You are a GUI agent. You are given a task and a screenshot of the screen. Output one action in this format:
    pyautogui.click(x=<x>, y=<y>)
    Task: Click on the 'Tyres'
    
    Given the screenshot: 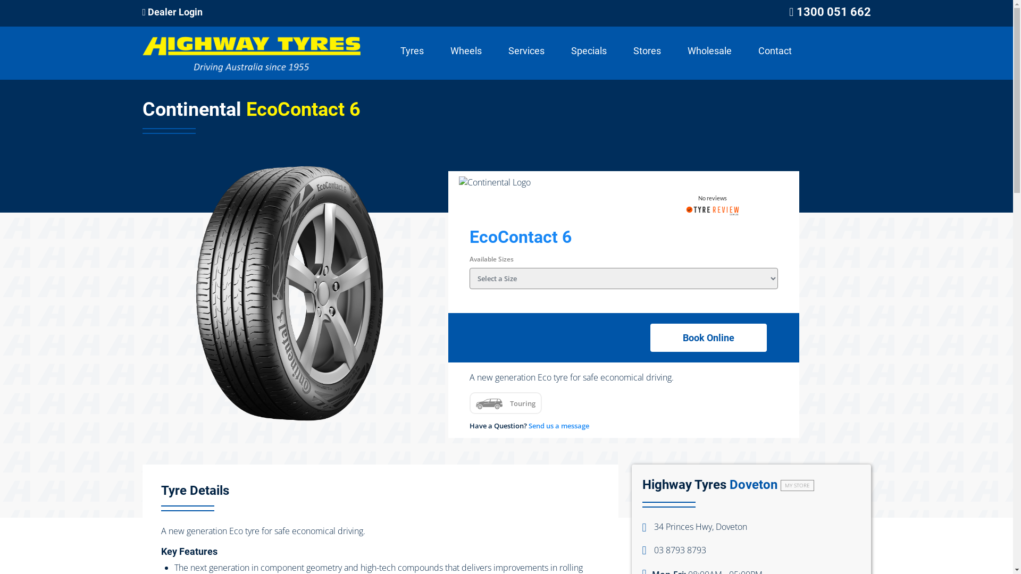 What is the action you would take?
    pyautogui.click(x=411, y=50)
    